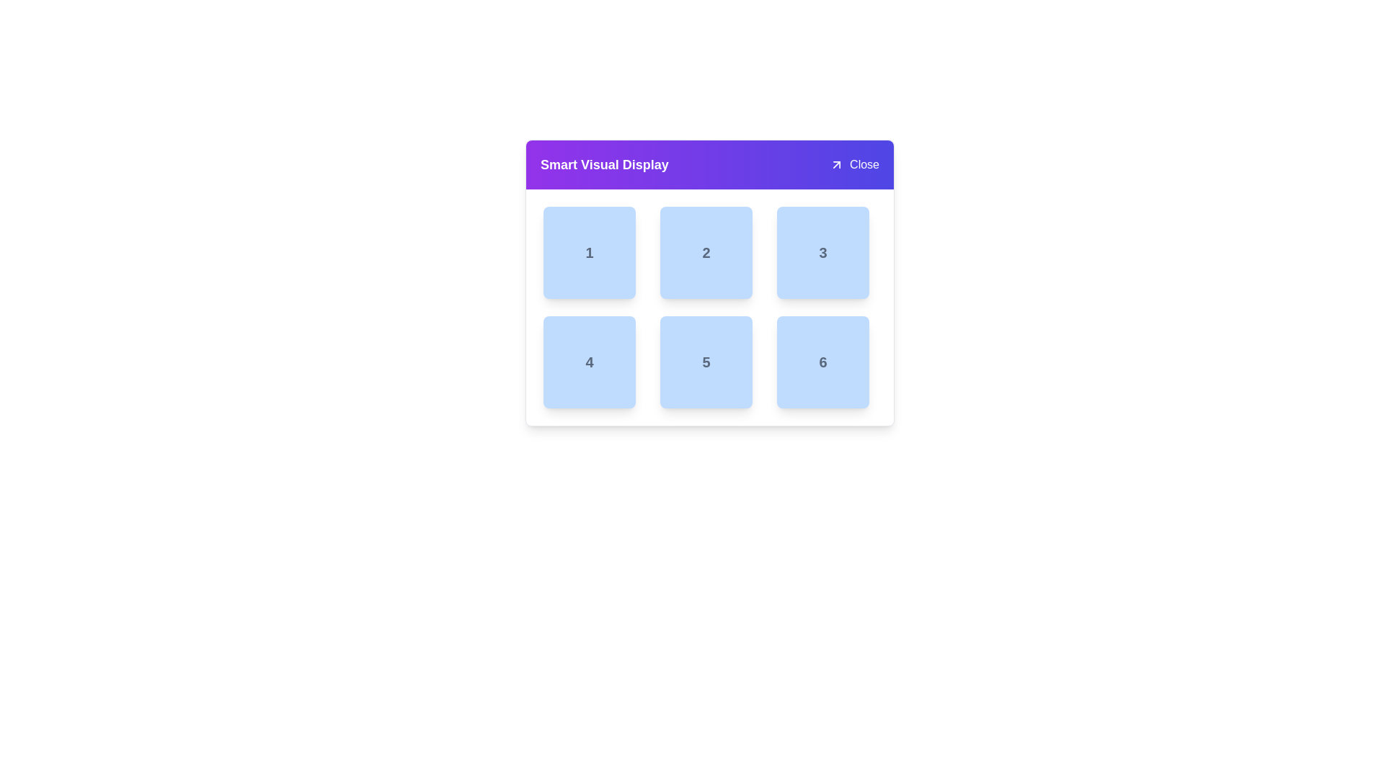  What do you see at coordinates (706, 252) in the screenshot?
I see `the Label or Display Box that displays the number '2', which is the second item in the first row of a 3-column grid layout` at bounding box center [706, 252].